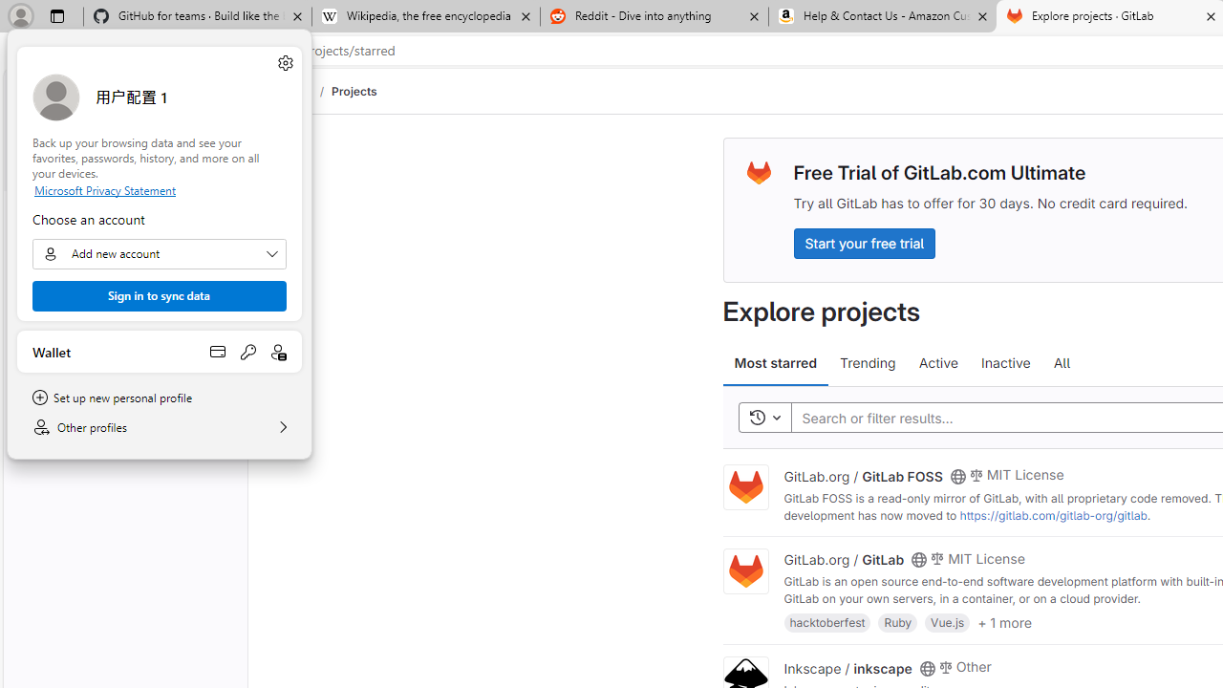 The image size is (1223, 688). Describe the element at coordinates (938, 363) in the screenshot. I see `'Active'` at that location.